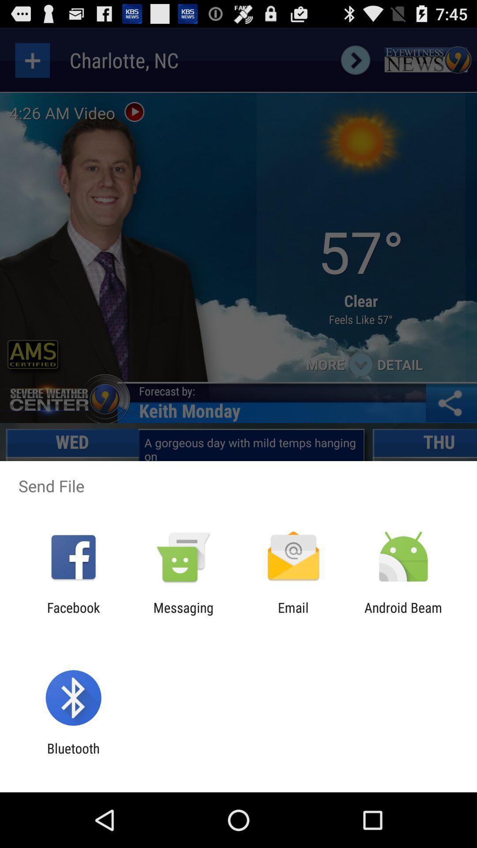 The width and height of the screenshot is (477, 848). Describe the element at coordinates (183, 615) in the screenshot. I see `the app next to the facebook app` at that location.